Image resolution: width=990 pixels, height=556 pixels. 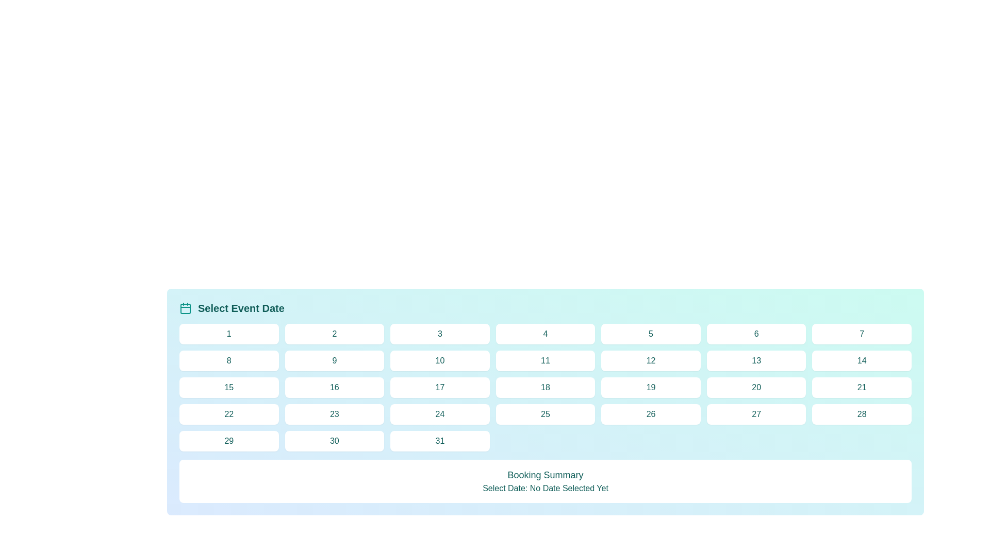 I want to click on the text label that displays 'Select Date: No Date Selected Yet' in teal font, located beneath the 'Booking Summary' header, so click(x=544, y=488).